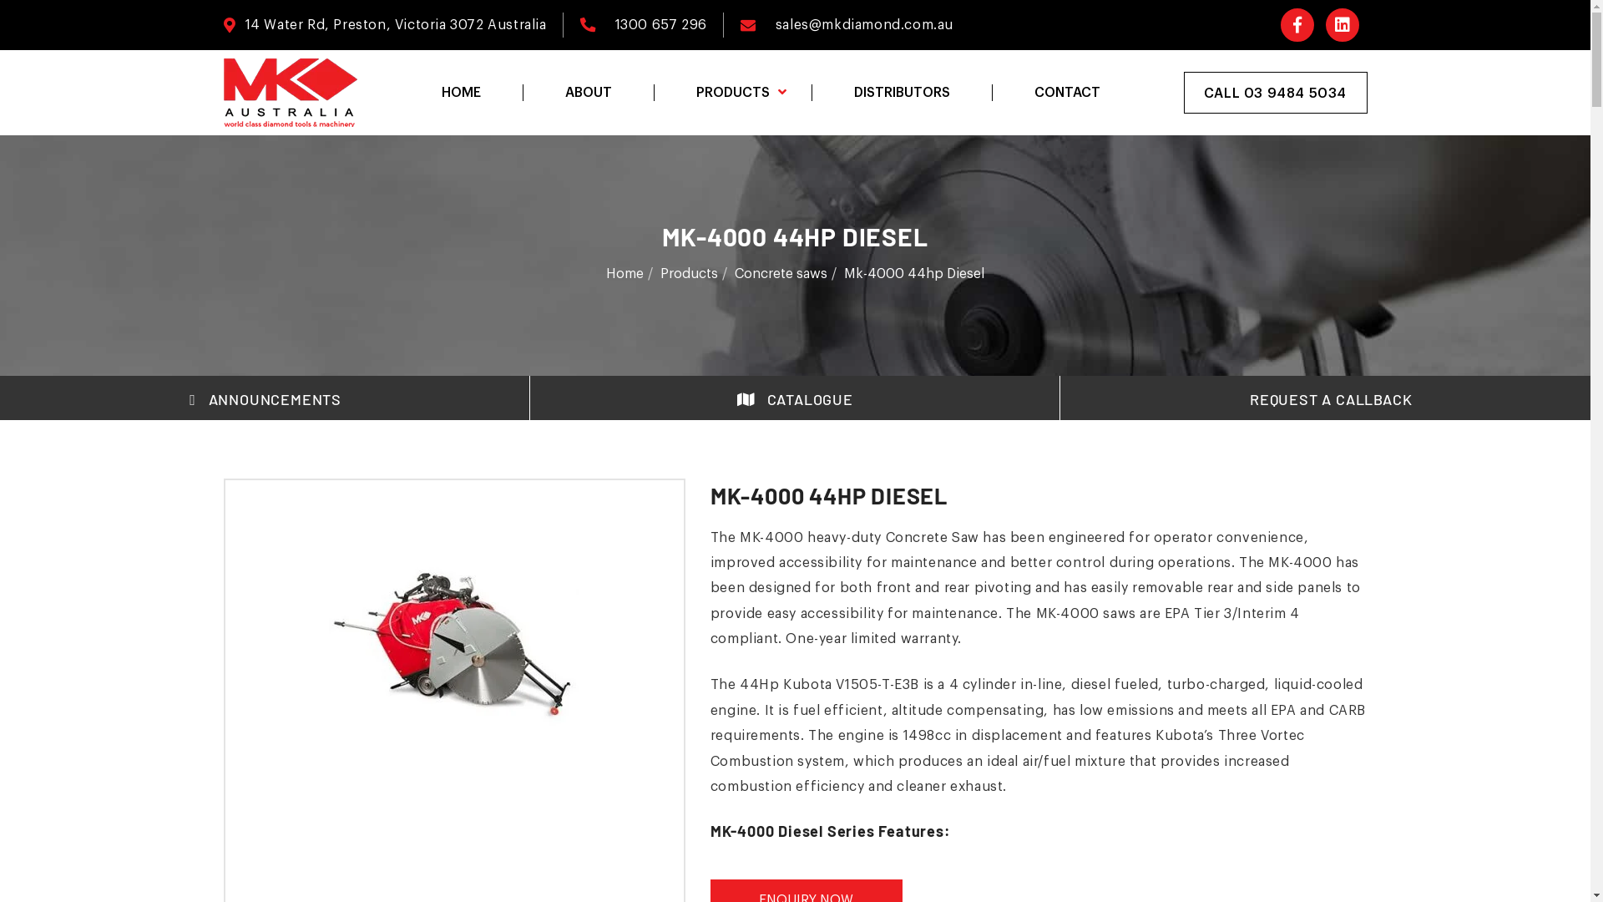 This screenshot has width=1603, height=902. What do you see at coordinates (780, 272) in the screenshot?
I see `'Concrete saws'` at bounding box center [780, 272].